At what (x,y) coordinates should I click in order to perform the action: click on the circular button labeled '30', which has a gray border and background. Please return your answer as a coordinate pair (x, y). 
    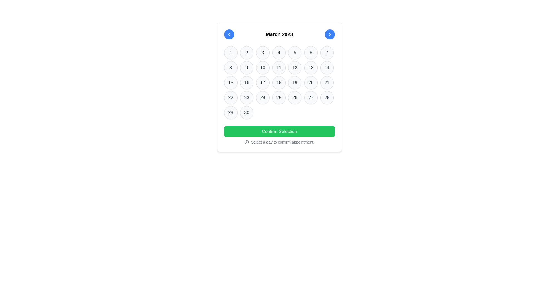
    Looking at the image, I should click on (246, 112).